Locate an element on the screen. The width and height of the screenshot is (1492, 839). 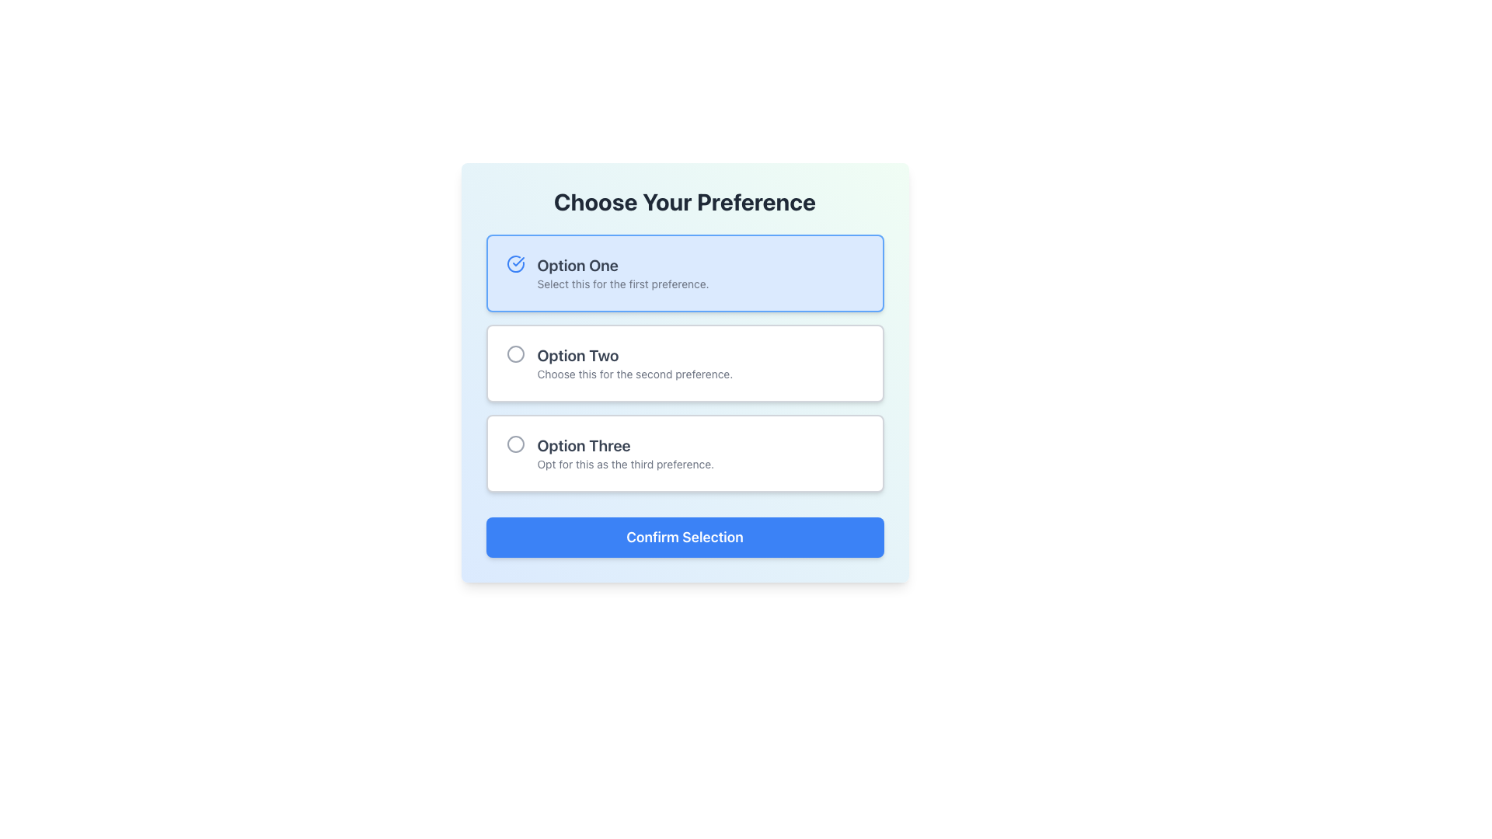
the circle indicator for the radio button corresponding to 'Option Two' is located at coordinates (515, 353).